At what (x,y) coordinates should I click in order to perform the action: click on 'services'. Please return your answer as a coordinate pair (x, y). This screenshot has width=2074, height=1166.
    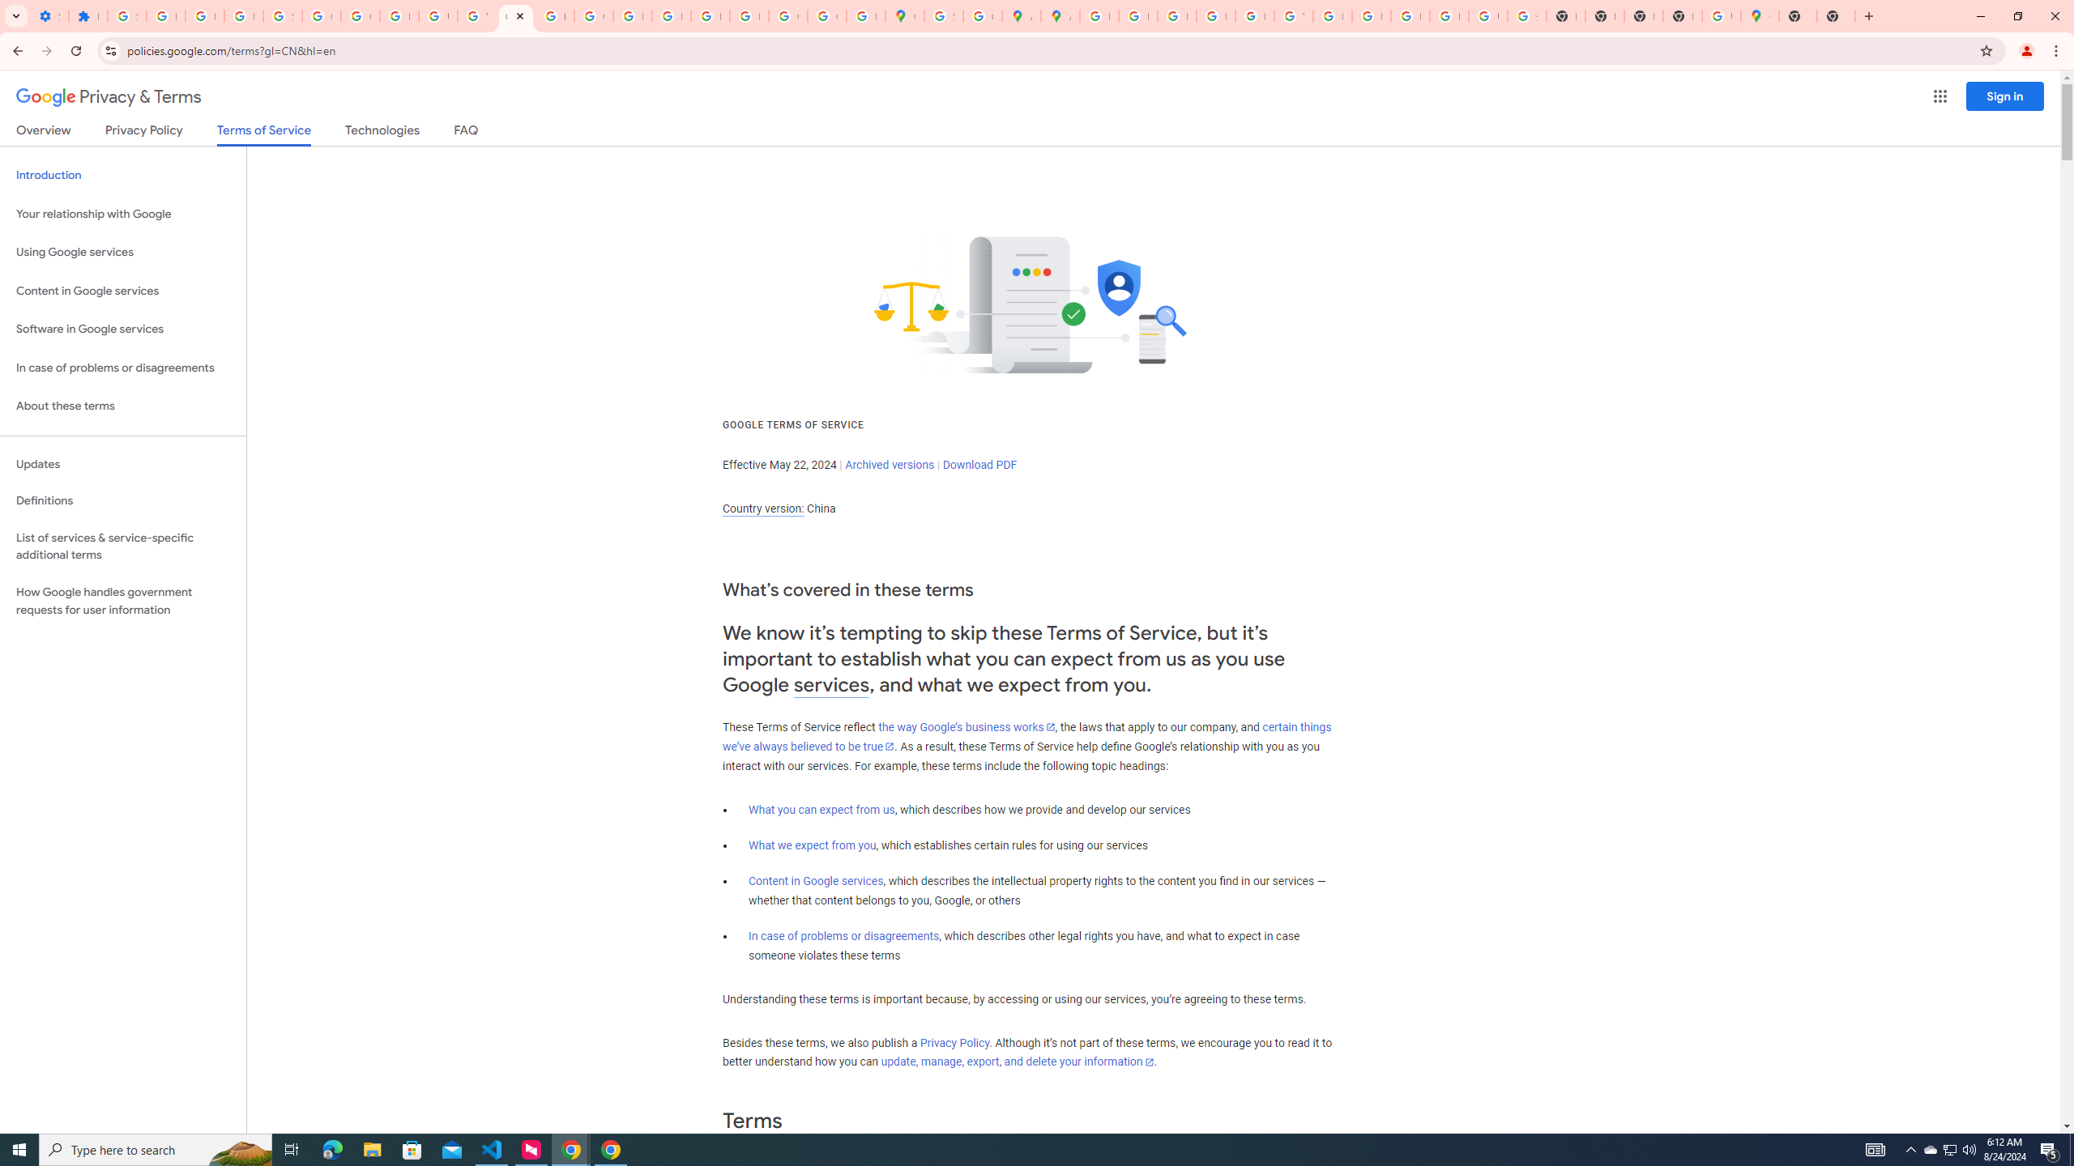
    Looking at the image, I should click on (831, 685).